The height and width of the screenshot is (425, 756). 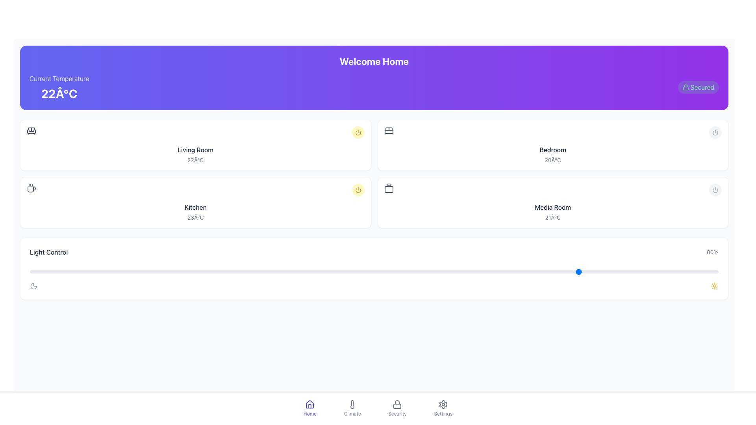 I want to click on temperature text label displaying '21°C' within the white, rounded card labeled 'Media Room', which is centered beneath the room's title, so click(x=552, y=217).